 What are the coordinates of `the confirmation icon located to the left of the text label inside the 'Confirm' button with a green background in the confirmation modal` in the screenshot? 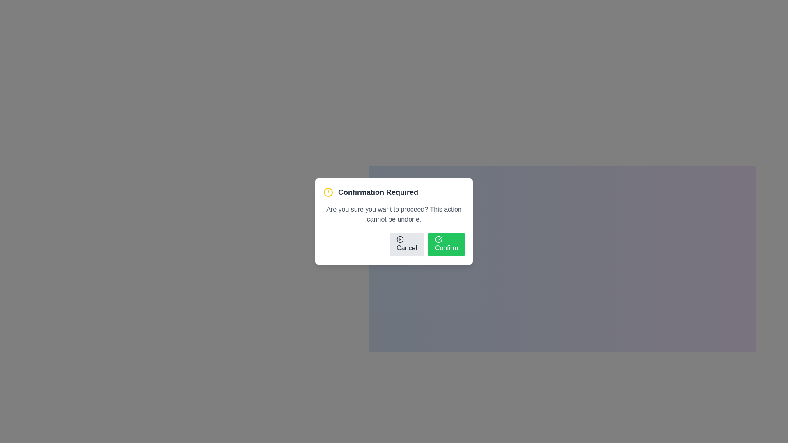 It's located at (438, 239).